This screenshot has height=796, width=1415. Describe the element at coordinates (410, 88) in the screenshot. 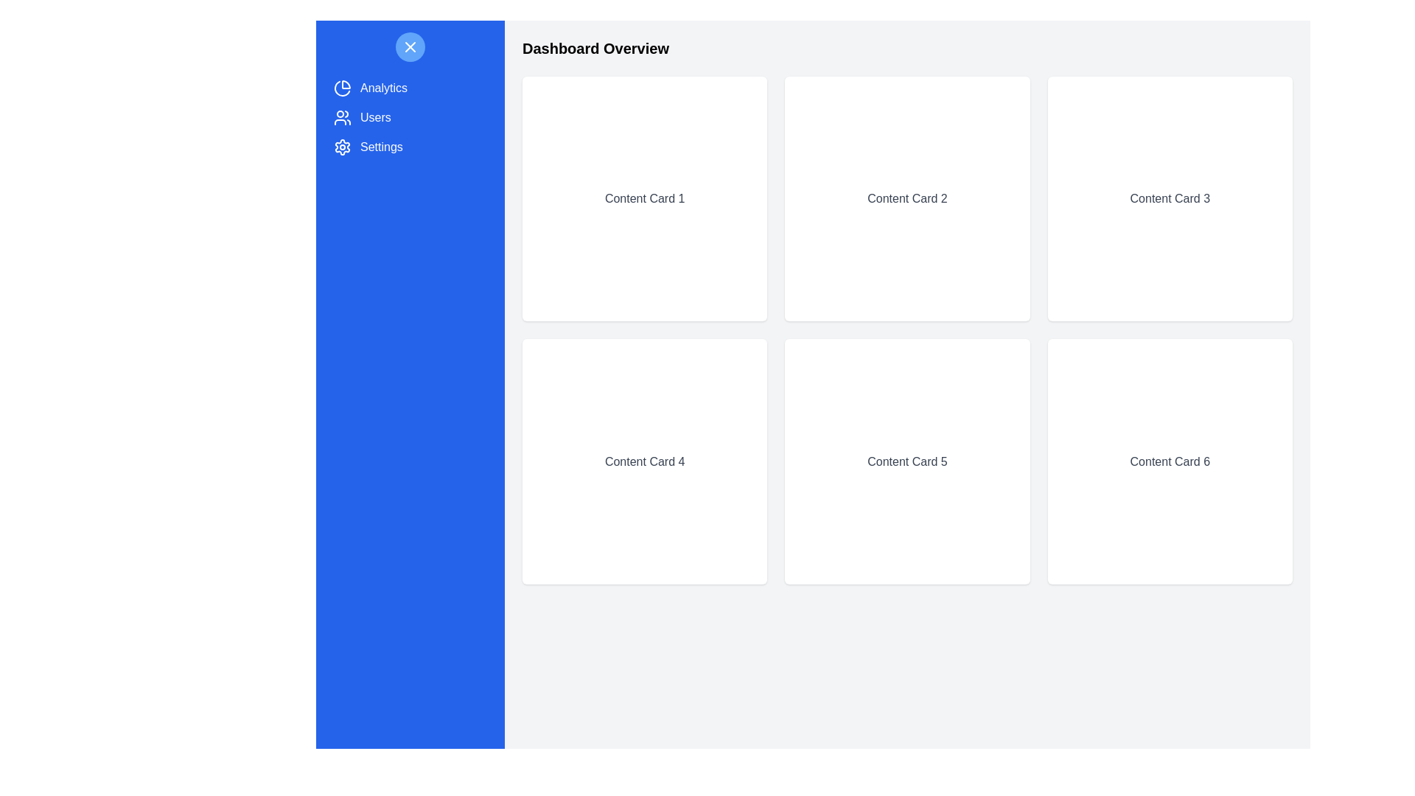

I see `the Analytics section in the navigation drawer` at that location.